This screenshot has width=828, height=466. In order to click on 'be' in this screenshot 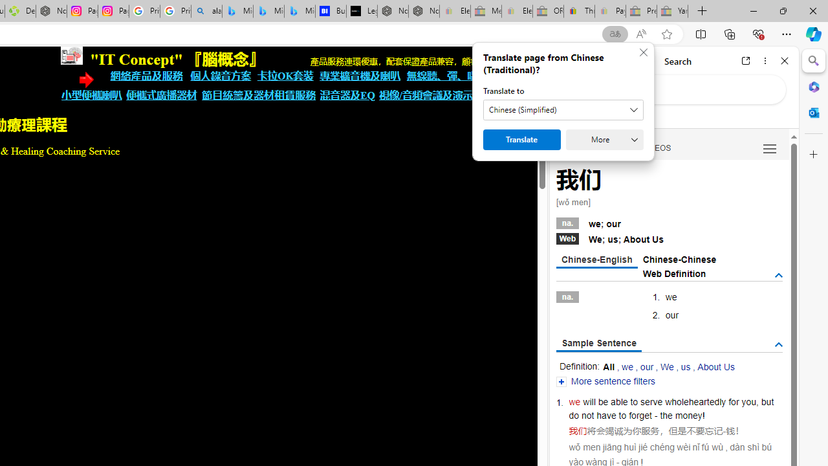, I will do `click(602, 401)`.